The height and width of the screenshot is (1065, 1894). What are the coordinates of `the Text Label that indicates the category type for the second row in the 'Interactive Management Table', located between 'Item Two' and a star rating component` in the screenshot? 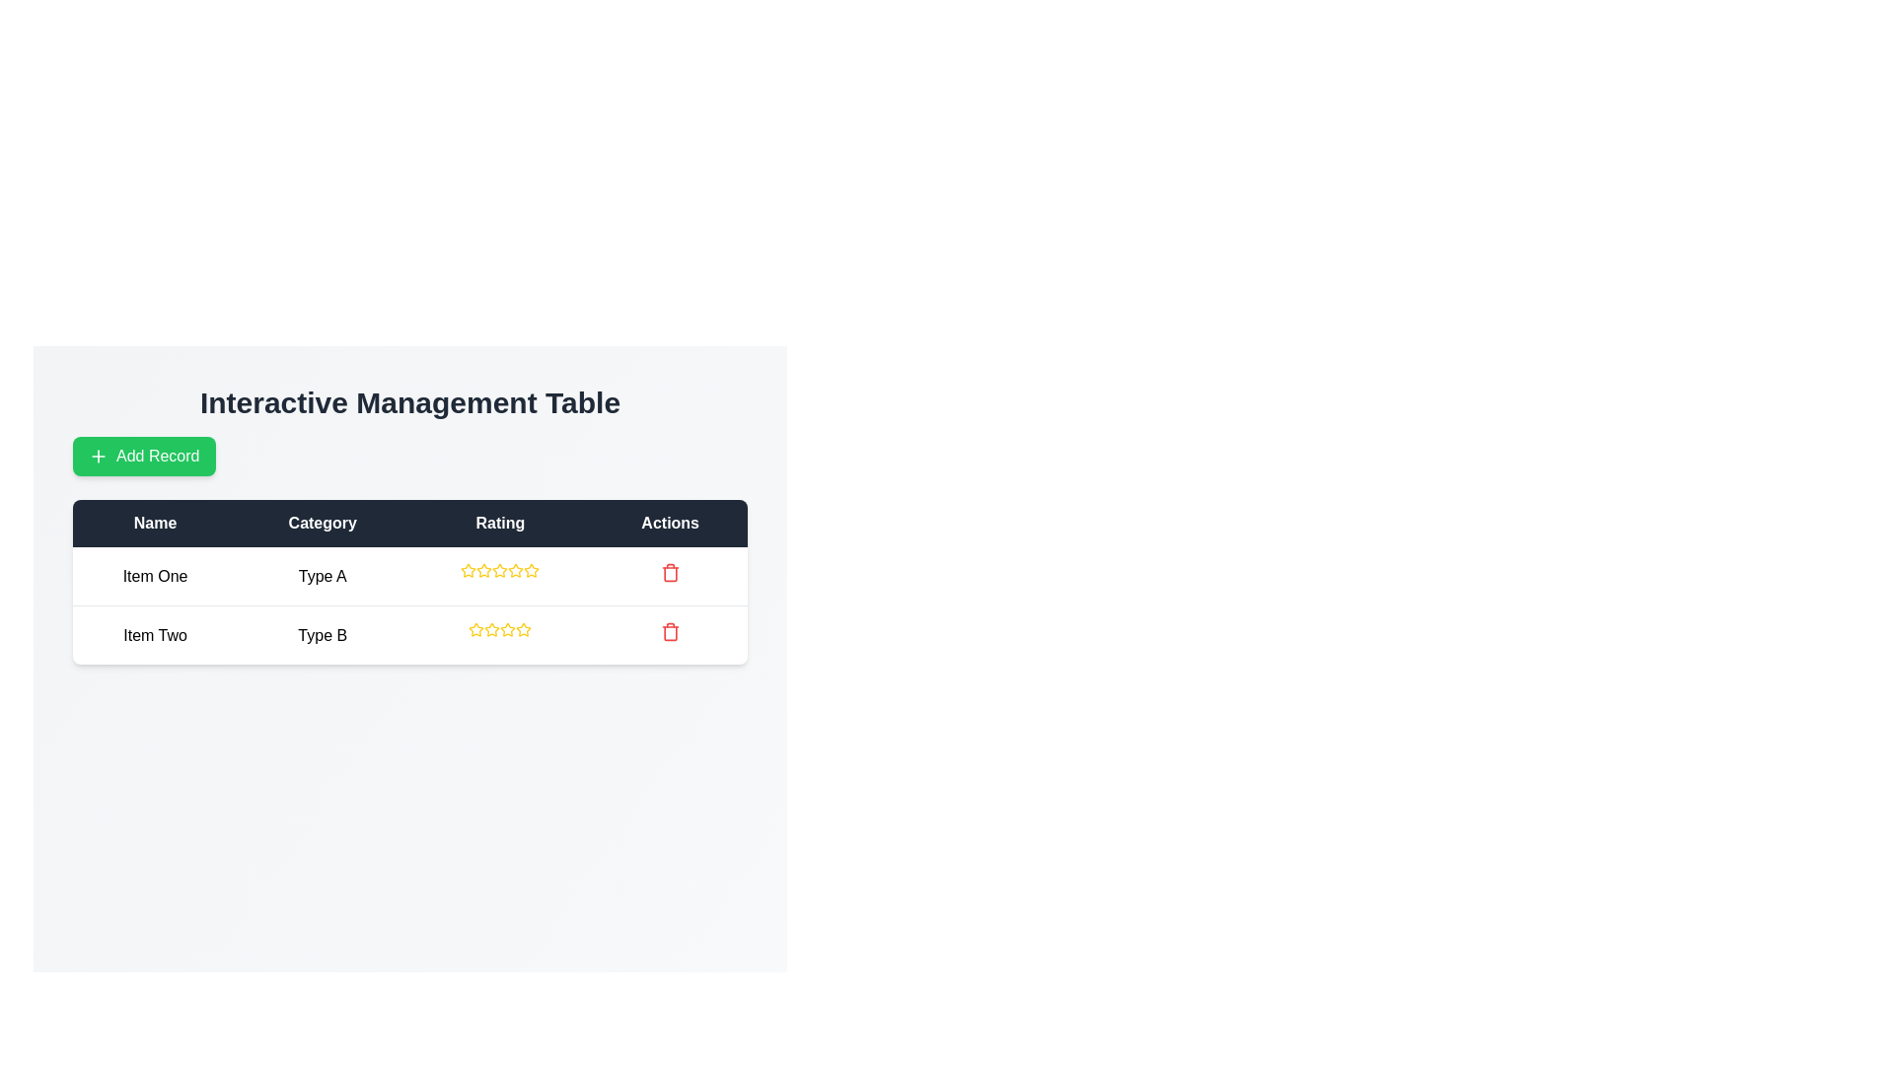 It's located at (323, 635).